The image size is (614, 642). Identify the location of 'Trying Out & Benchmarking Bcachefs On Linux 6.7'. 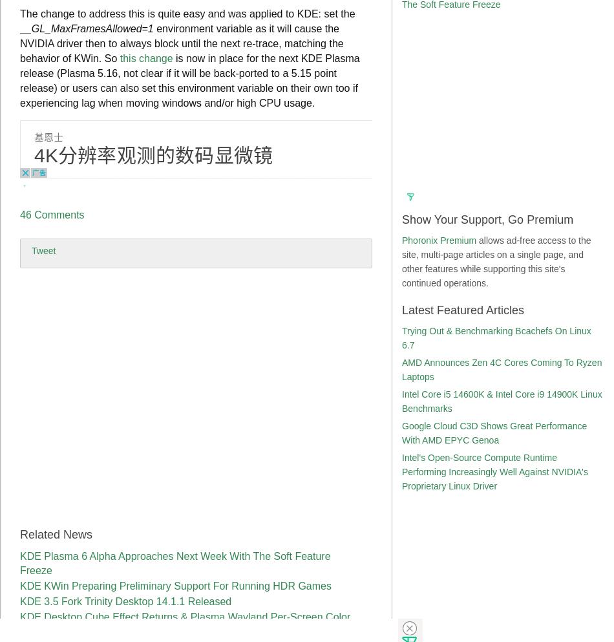
(495, 338).